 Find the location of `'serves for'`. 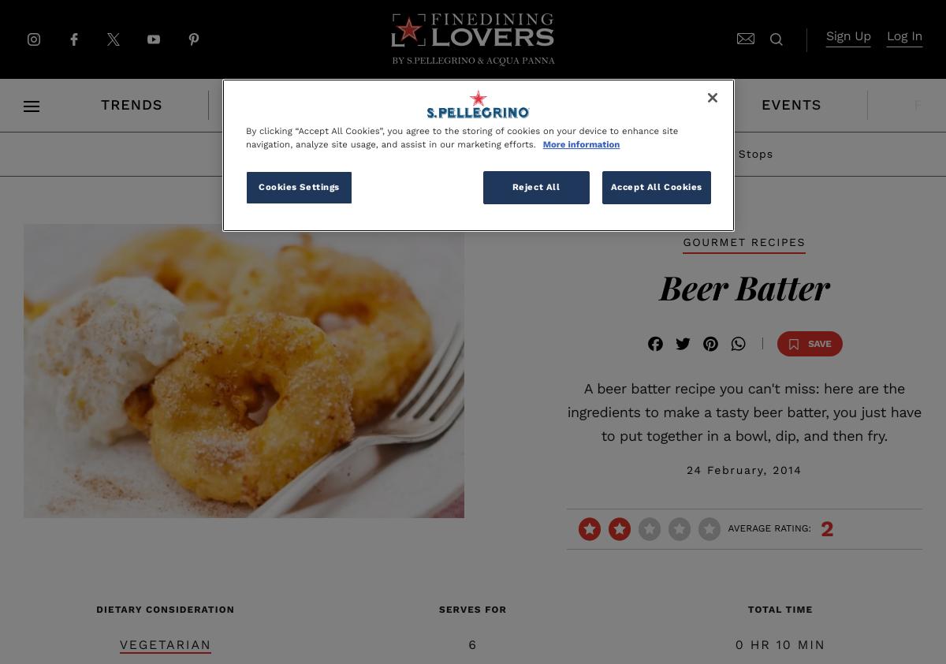

'serves for' is located at coordinates (471, 609).